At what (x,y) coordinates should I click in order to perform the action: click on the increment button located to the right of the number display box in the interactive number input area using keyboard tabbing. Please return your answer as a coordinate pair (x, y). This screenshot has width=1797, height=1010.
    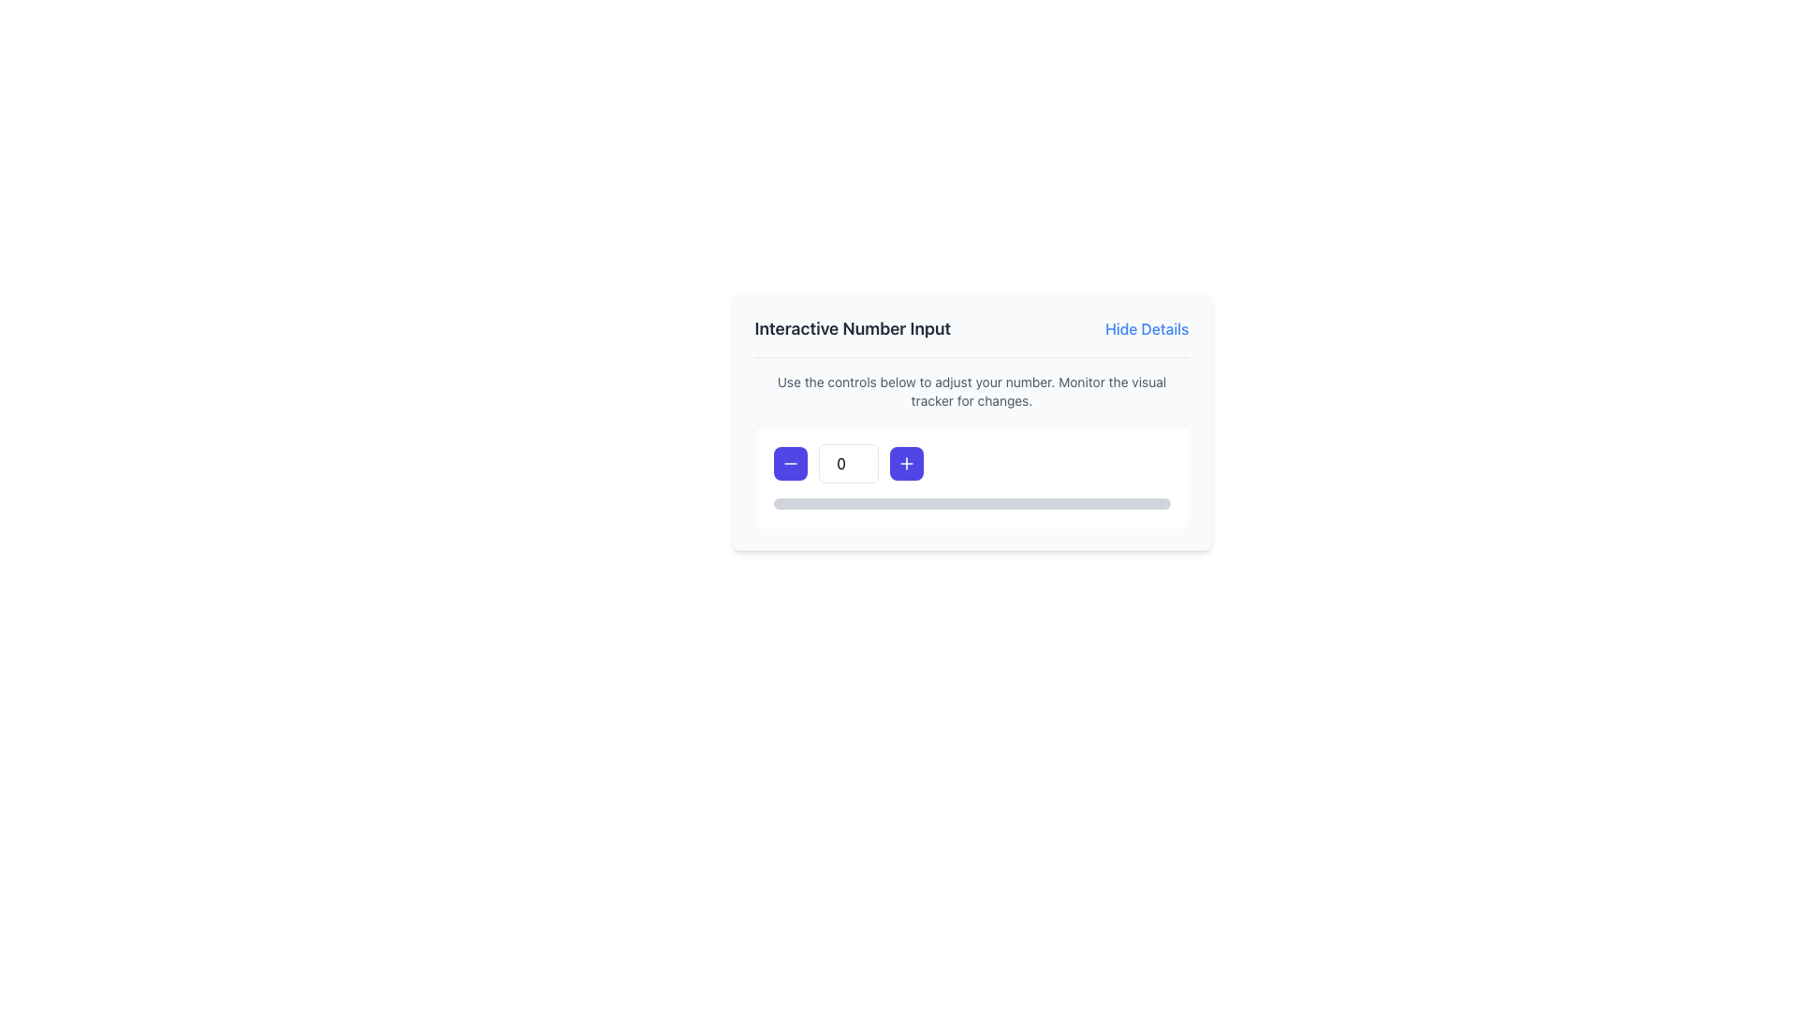
    Looking at the image, I should click on (906, 463).